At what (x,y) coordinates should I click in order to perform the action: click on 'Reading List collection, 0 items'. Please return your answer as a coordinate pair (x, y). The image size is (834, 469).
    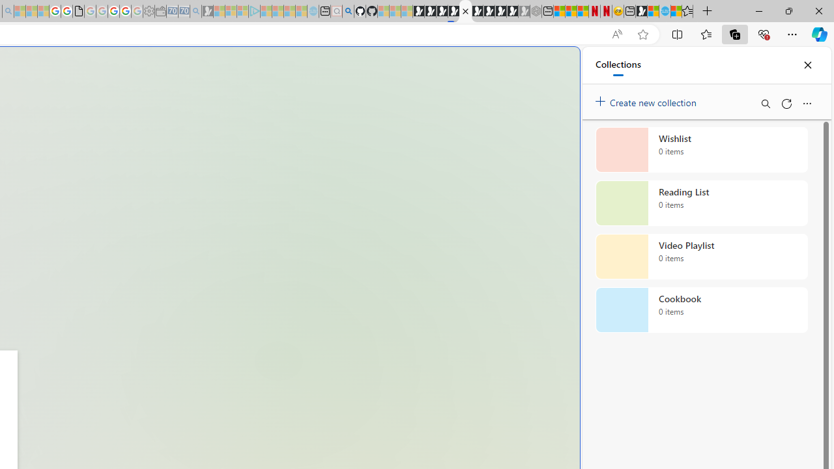
    Looking at the image, I should click on (701, 203).